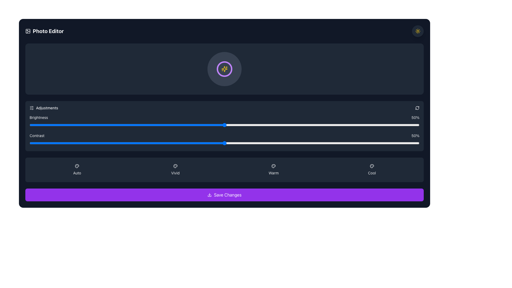 The width and height of the screenshot is (512, 288). What do you see at coordinates (274, 166) in the screenshot?
I see `the artistic action icon located in the header area of the interface, which is adjacent to other thematic controls` at bounding box center [274, 166].